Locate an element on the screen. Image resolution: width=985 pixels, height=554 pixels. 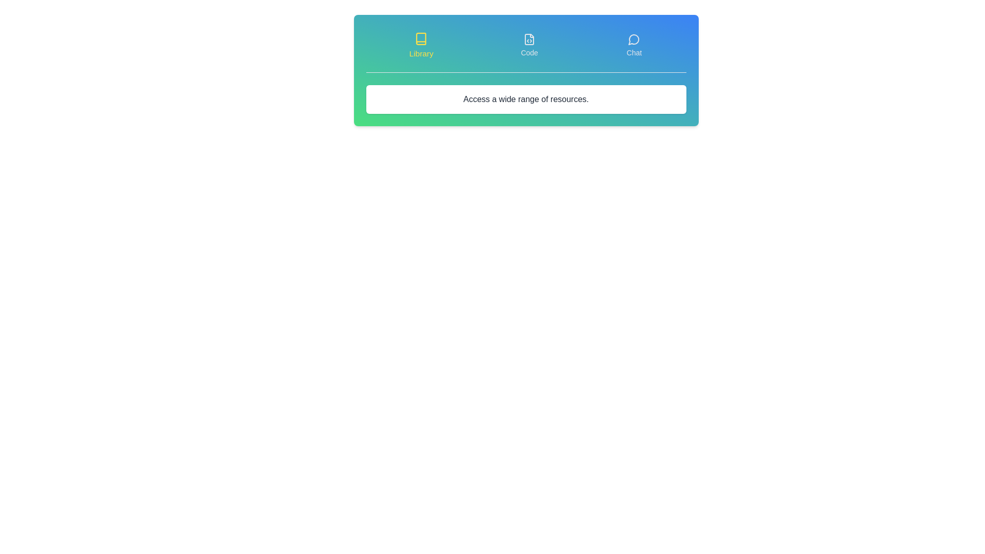
the tab labeled Code to select it is located at coordinates (529, 45).